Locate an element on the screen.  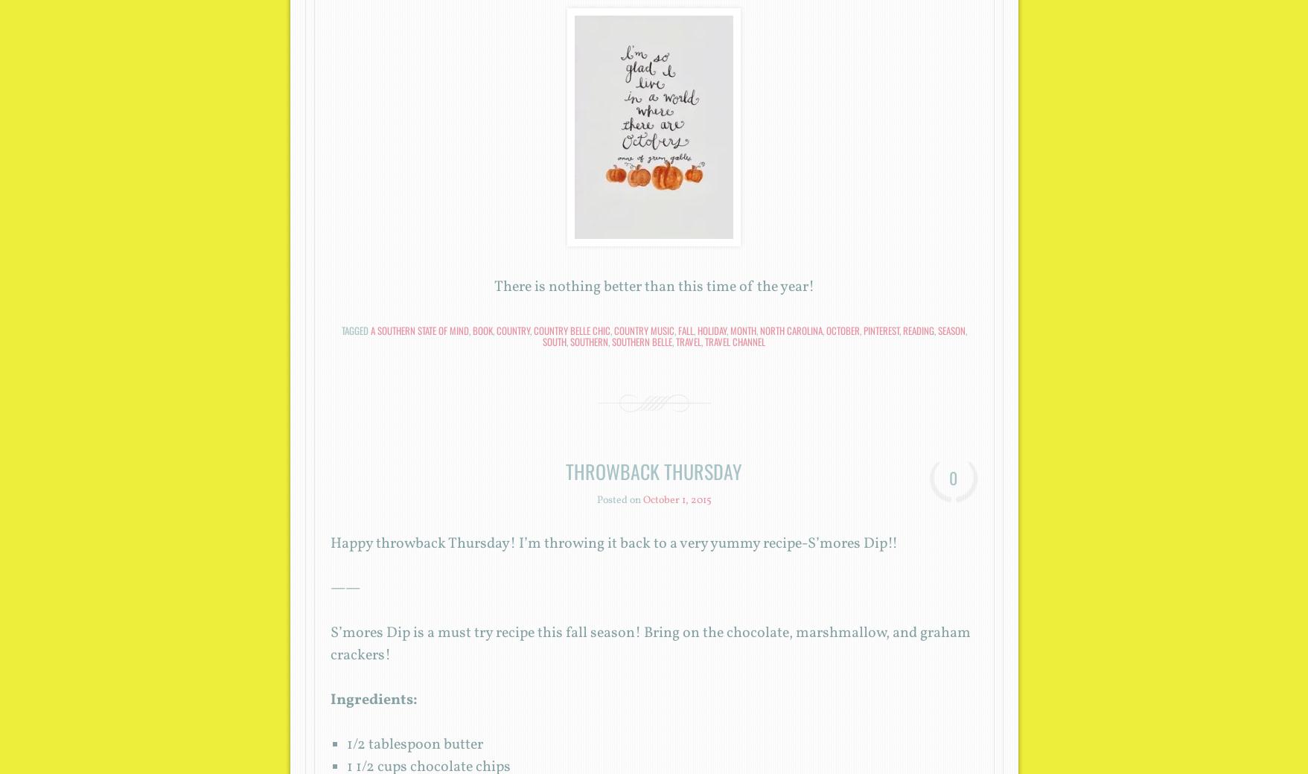
'Happy throwback Thursday! I’m throwing it back to a very yummy recipe-S’mores Dip!!' is located at coordinates (613, 544).